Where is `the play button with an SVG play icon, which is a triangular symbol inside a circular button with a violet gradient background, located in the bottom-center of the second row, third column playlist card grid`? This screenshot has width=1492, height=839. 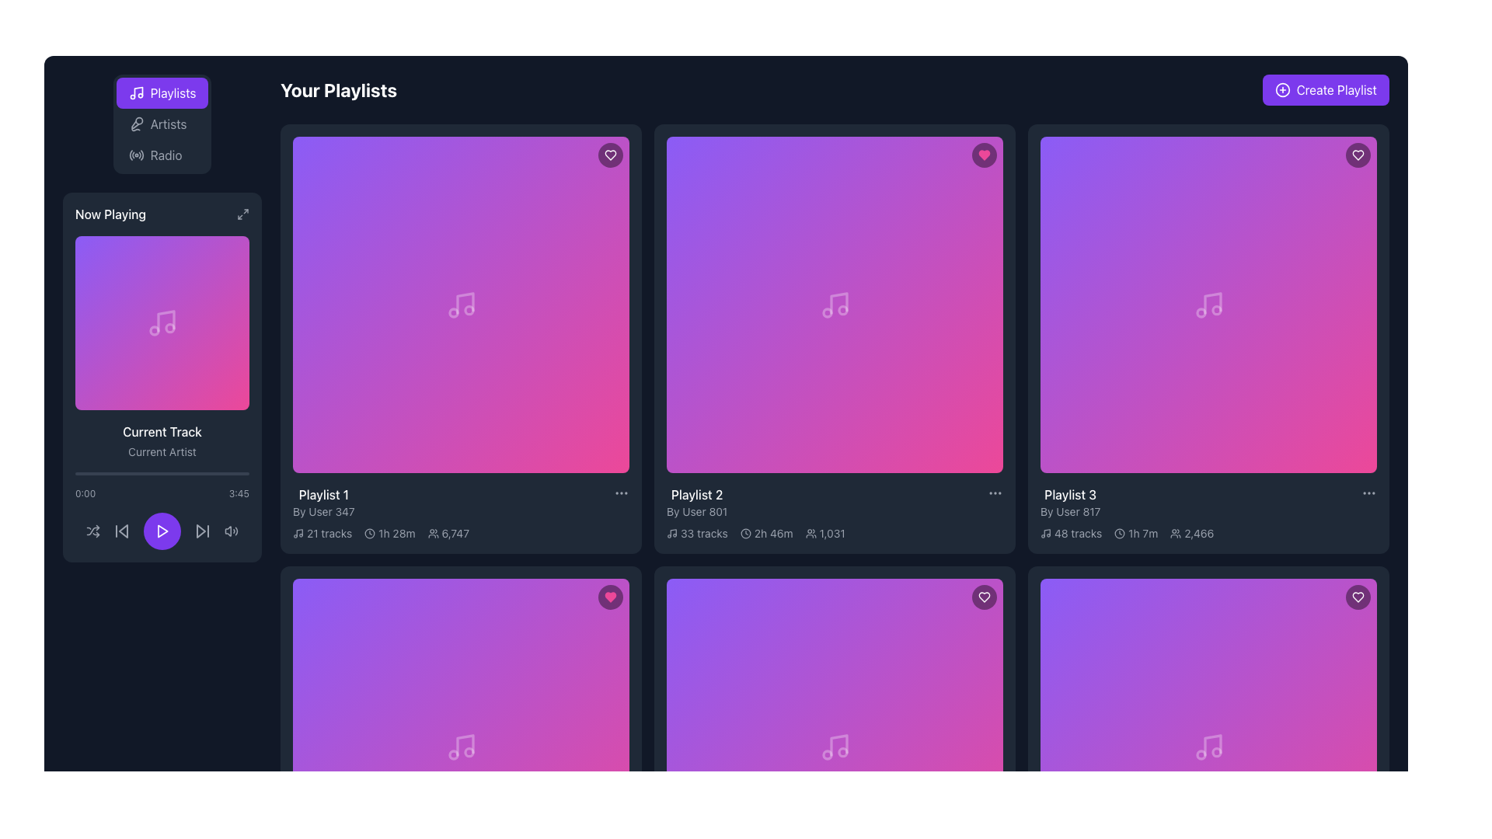
the play button with an SVG play icon, which is a triangular symbol inside a circular button with a violet gradient background, located in the bottom-center of the second row, third column playlist card grid is located at coordinates (460, 746).